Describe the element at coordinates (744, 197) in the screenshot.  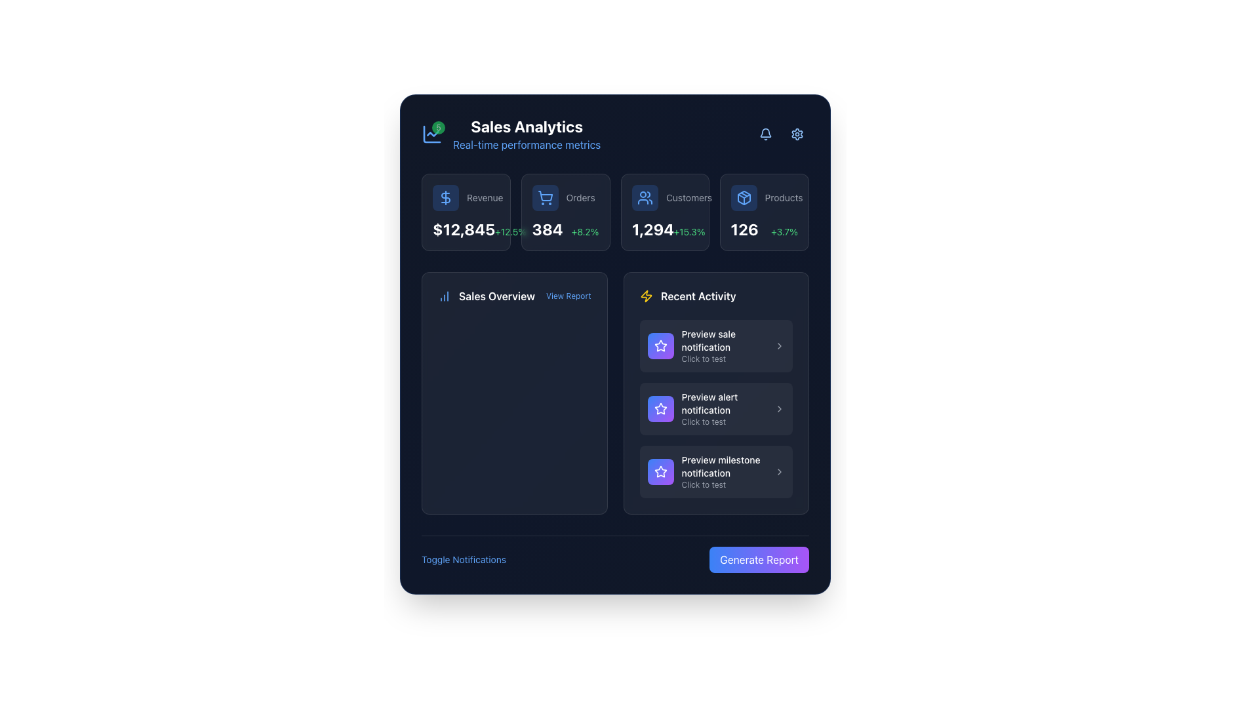
I see `the decorative icon in the top-right section of the 'Products' card, which visually reinforces the product-related statistics` at that location.